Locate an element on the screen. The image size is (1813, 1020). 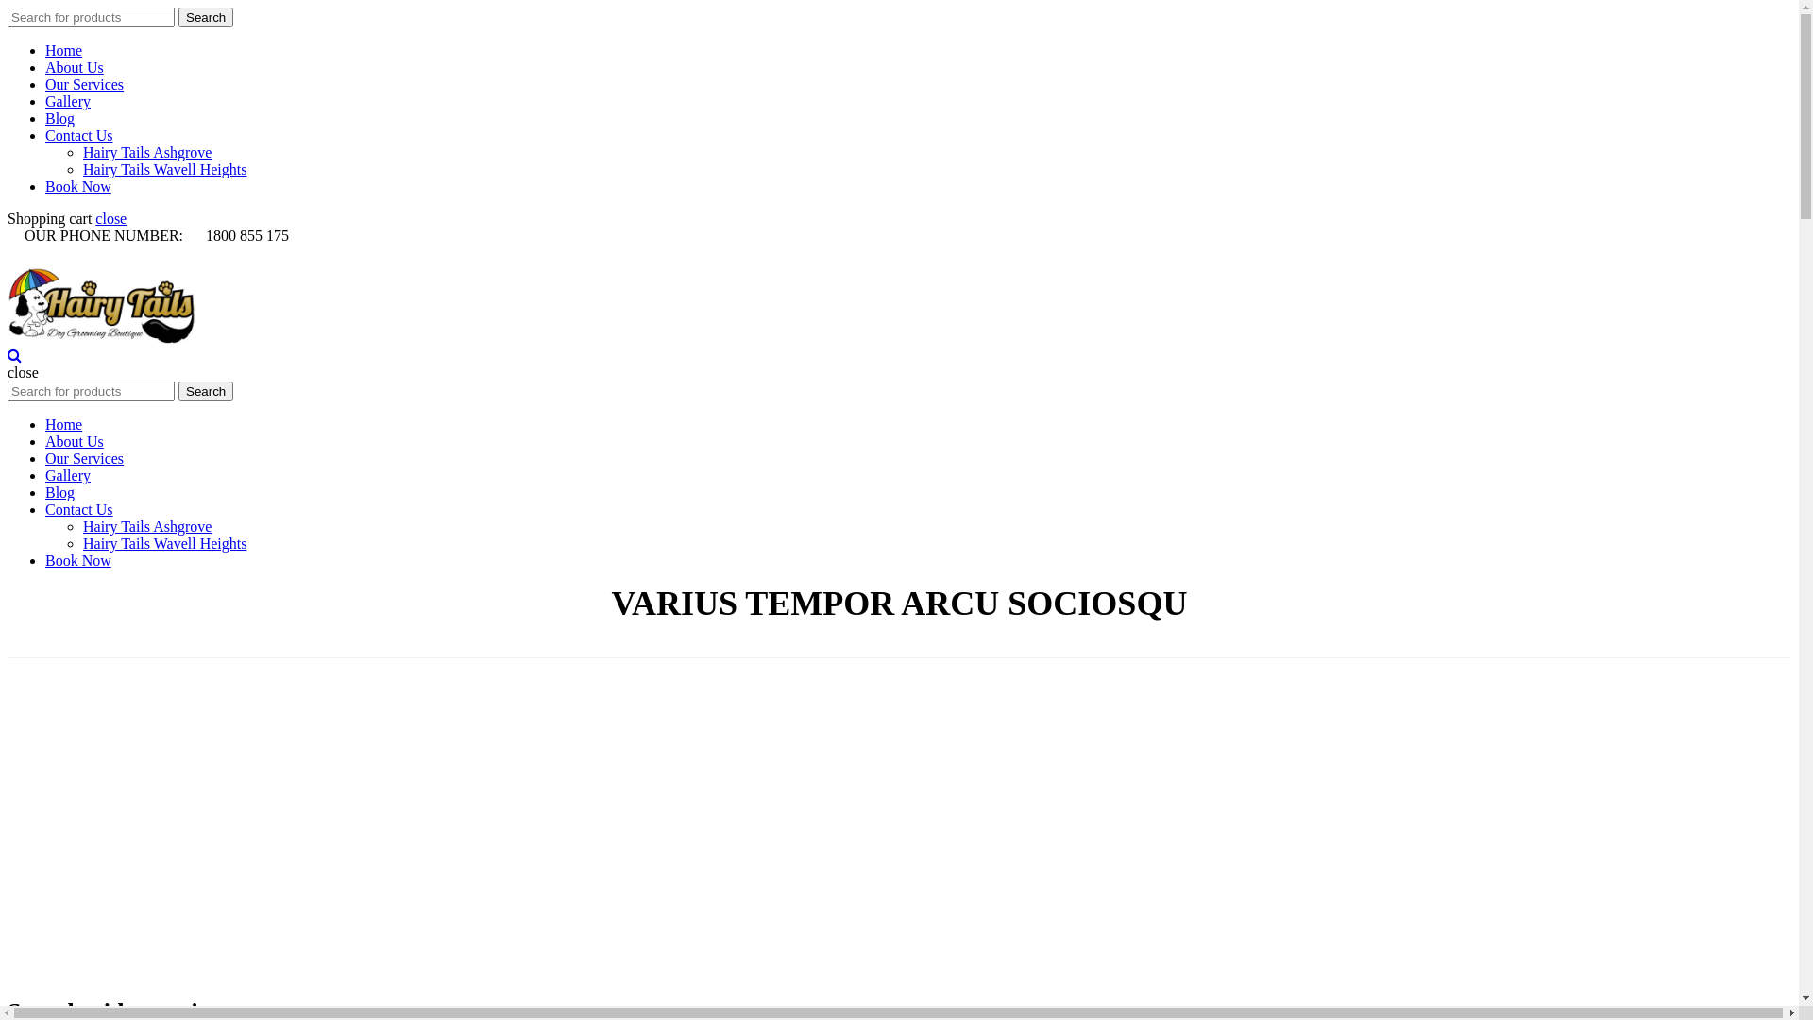
'Gallery' is located at coordinates (68, 101).